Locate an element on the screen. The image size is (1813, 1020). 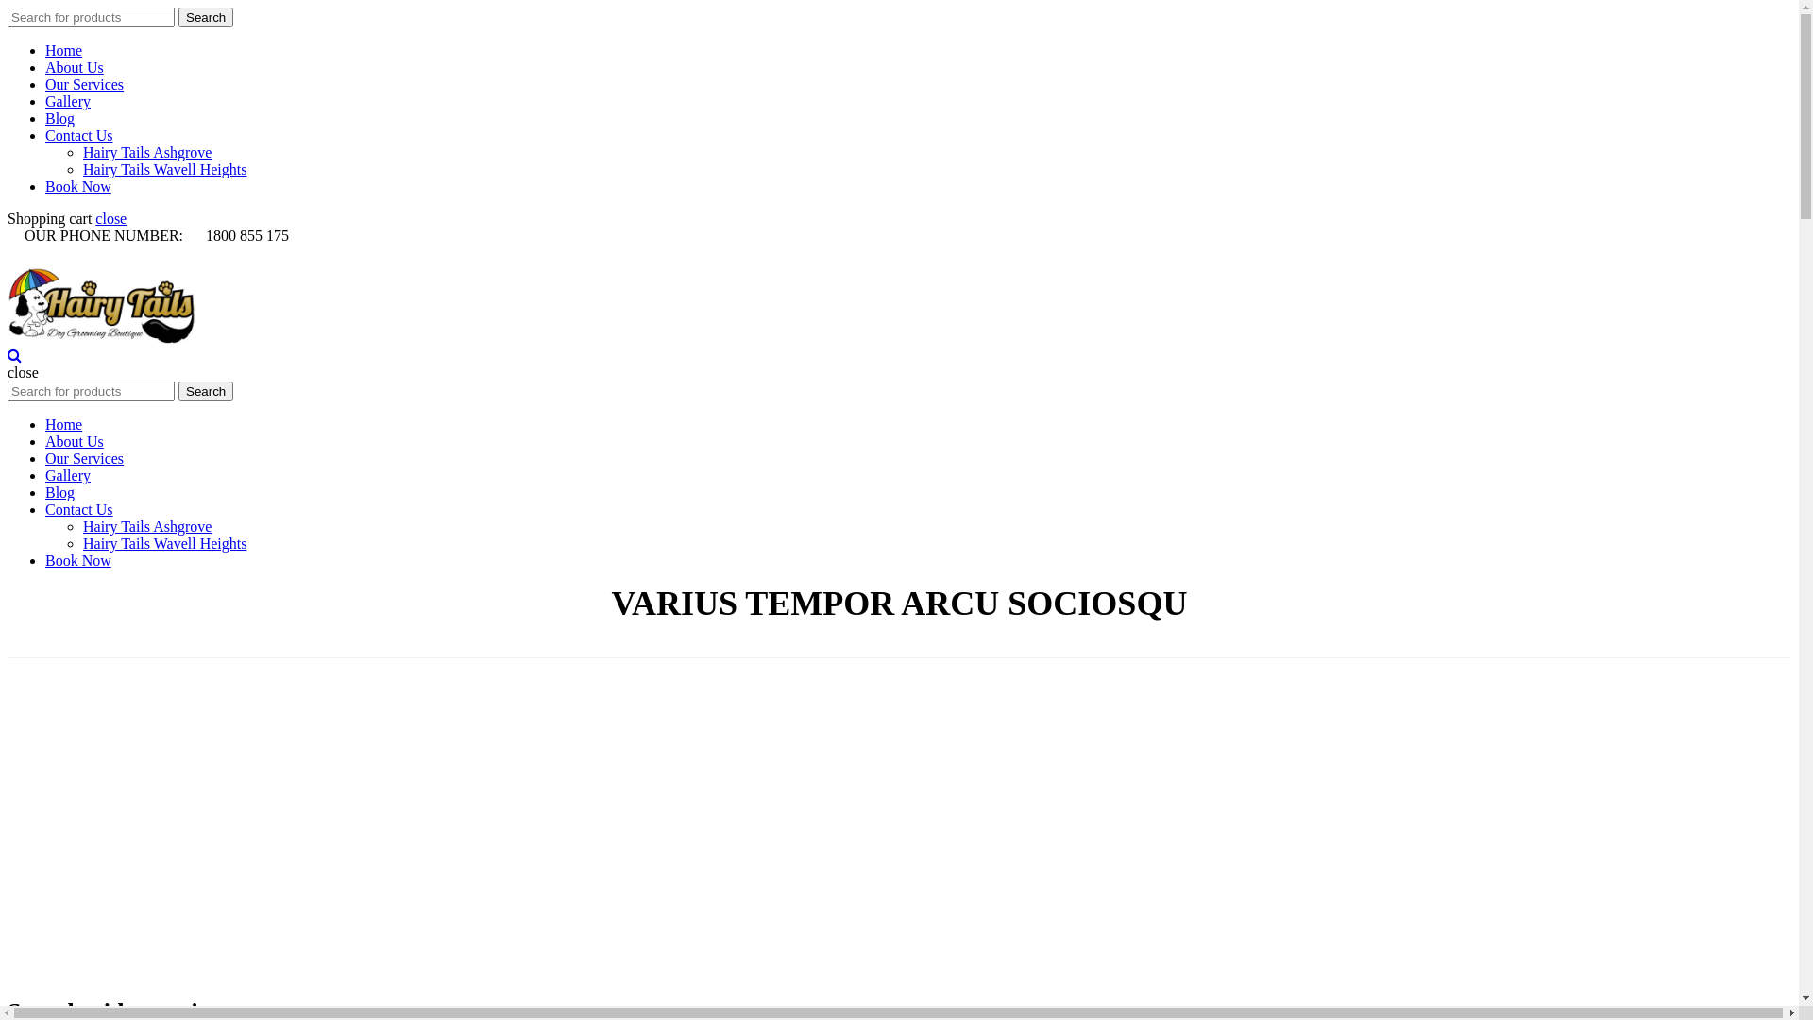
'Gallery' is located at coordinates (68, 101).